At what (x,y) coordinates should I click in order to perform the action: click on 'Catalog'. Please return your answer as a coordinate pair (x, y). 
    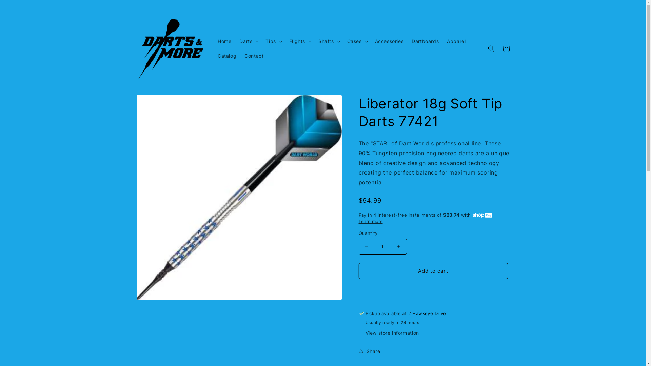
    Looking at the image, I should click on (213, 56).